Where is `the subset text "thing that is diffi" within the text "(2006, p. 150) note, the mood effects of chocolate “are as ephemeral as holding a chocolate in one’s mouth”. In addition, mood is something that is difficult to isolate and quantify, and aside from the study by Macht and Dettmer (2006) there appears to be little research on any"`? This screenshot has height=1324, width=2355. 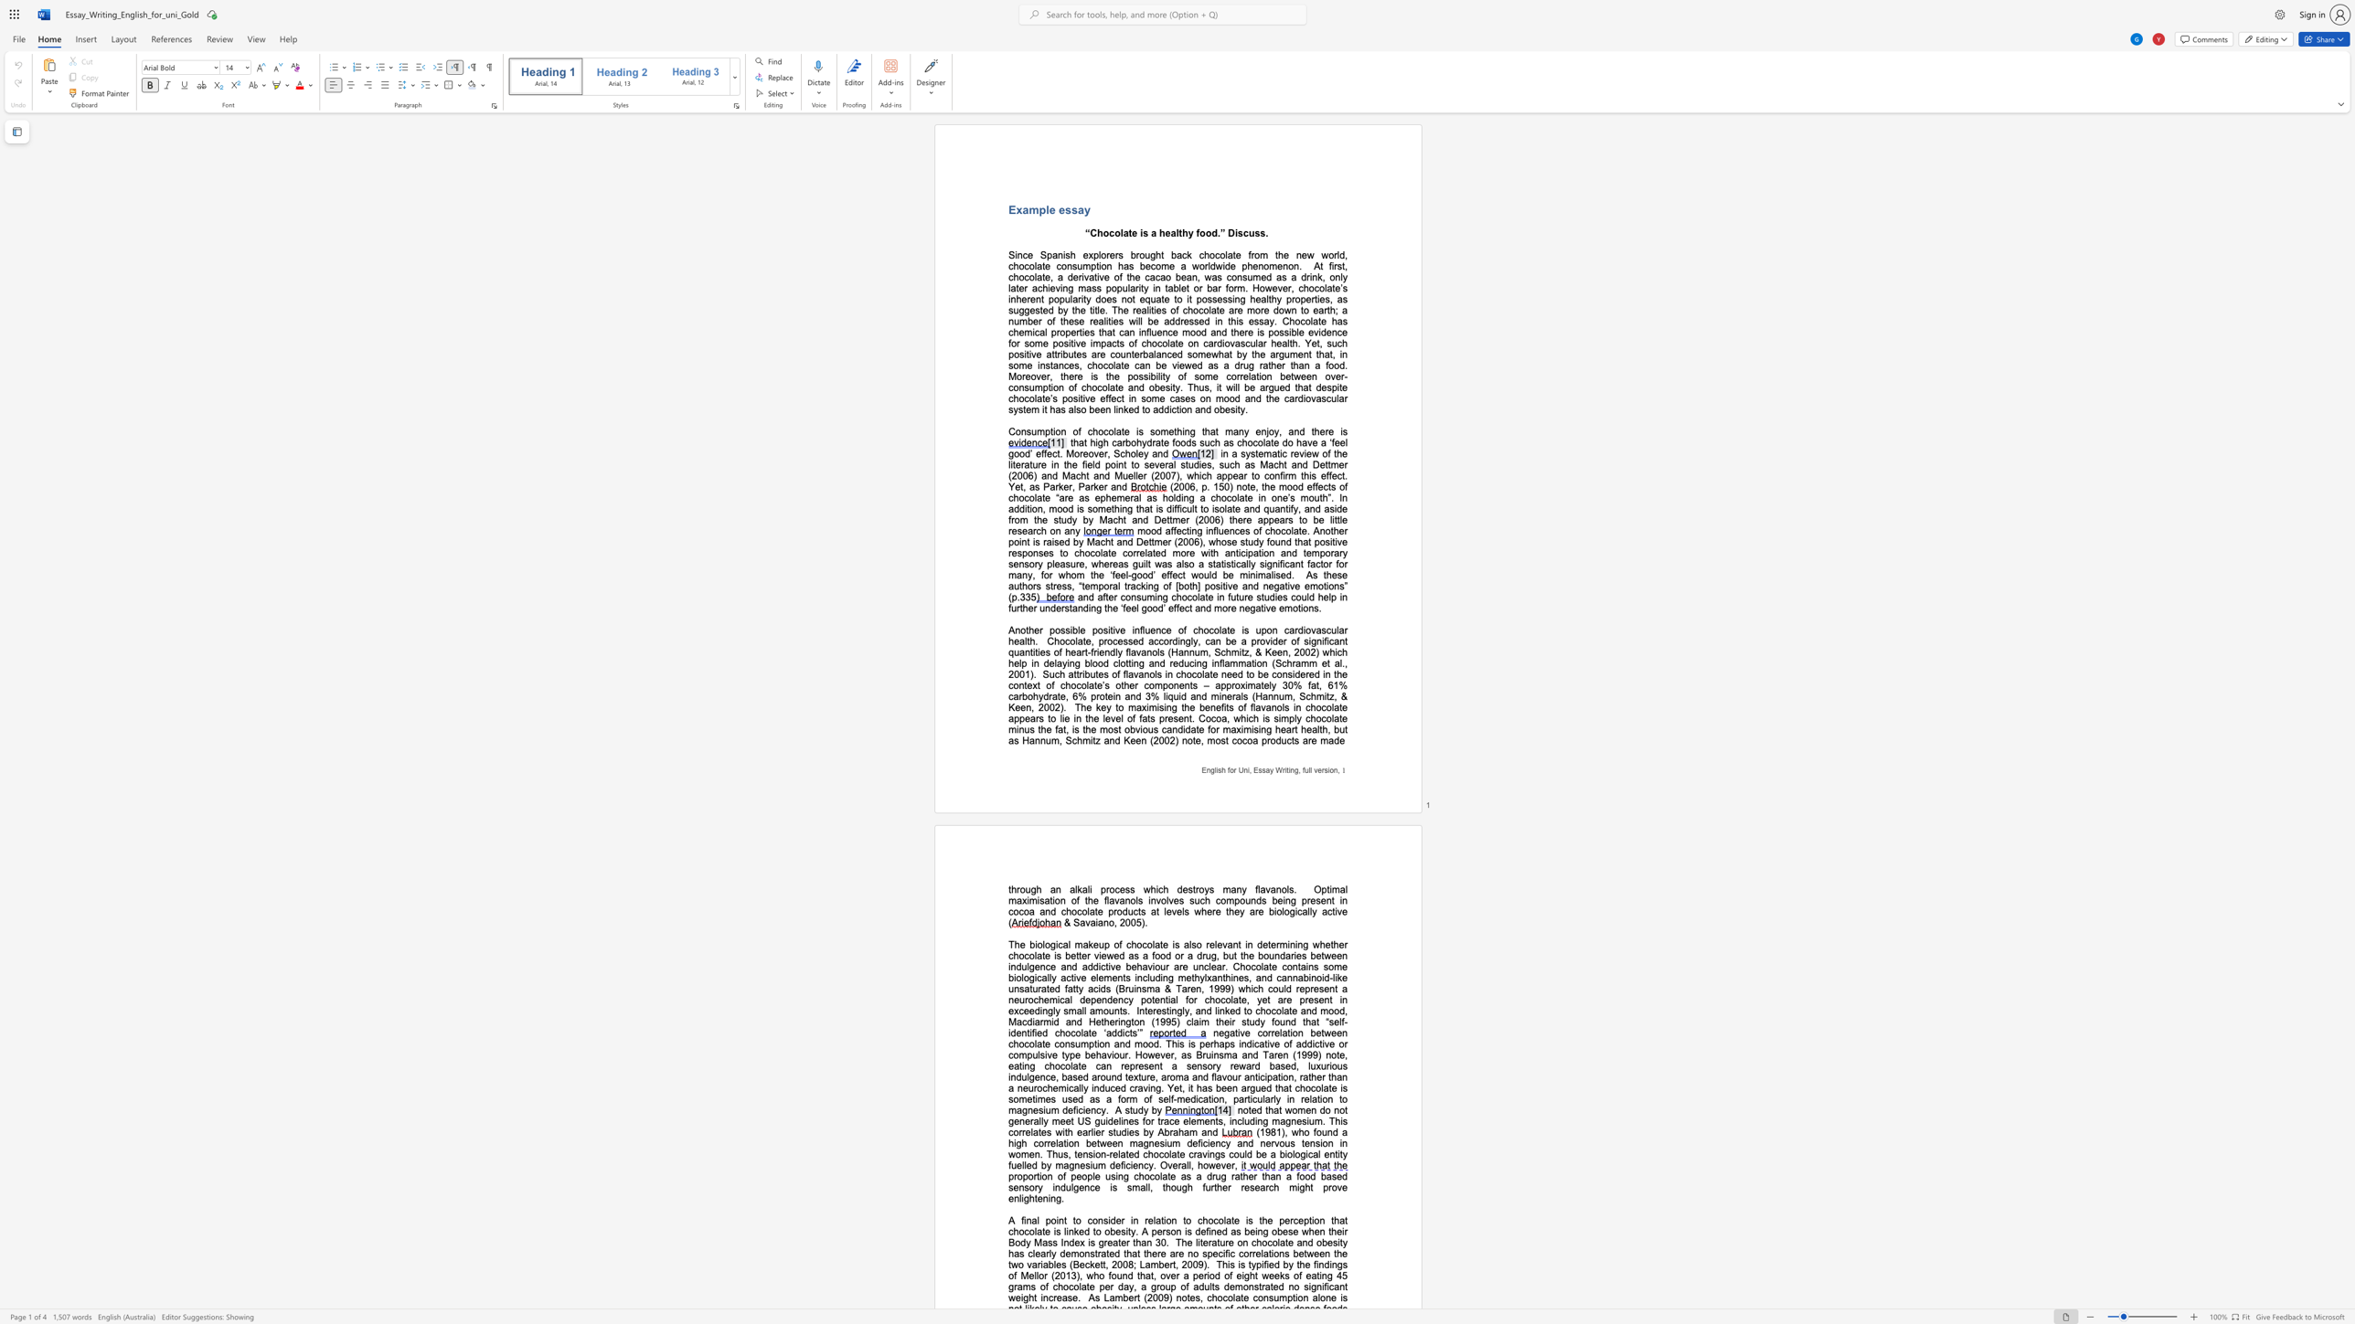
the subset text "thing that is diffi" within the text "(2006, p. 150) note, the mood effects of chocolate “are as ephemeral as holding a chocolate in one’s mouth”. In addition, mood is something that is difficult to isolate and quantify, and aside from the study by Macht and Dettmer (2006) there appears to be little research on any" is located at coordinates (1111, 507).